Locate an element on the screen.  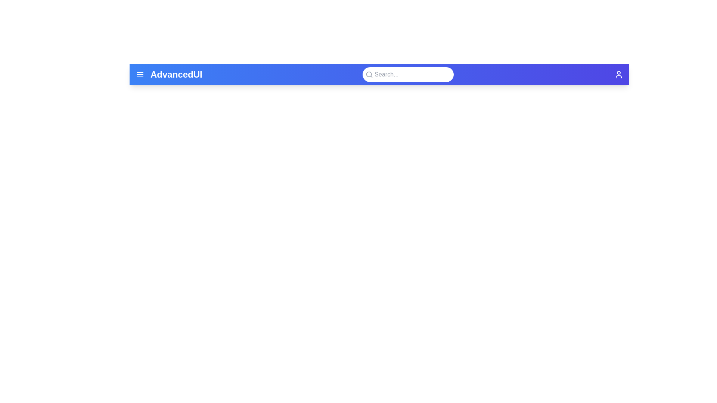
the user icon to toggle the visibility of the user menu is located at coordinates (618, 75).